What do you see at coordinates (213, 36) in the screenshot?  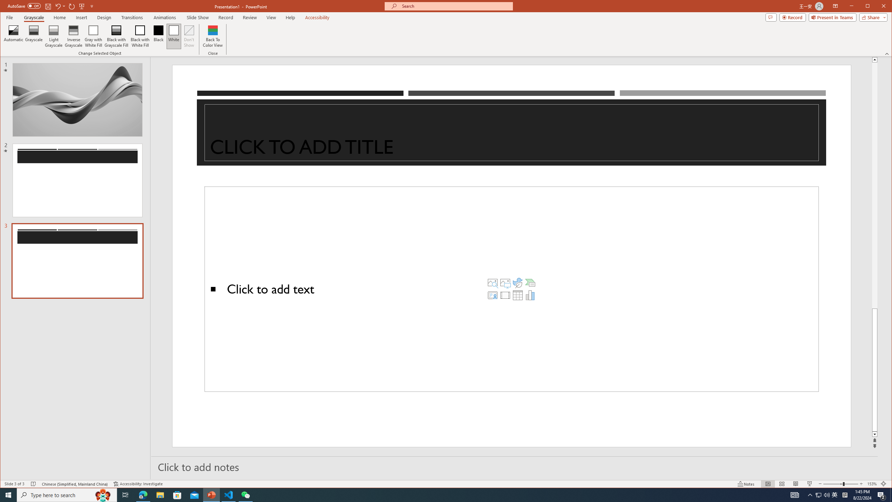 I see `'Back To Color View'` at bounding box center [213, 36].